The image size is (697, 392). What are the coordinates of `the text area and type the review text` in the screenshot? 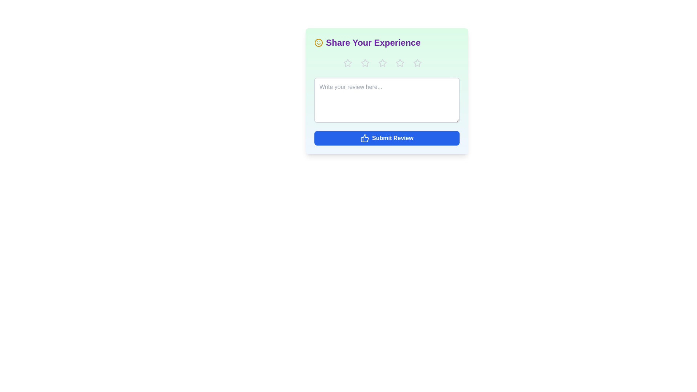 It's located at (386, 100).